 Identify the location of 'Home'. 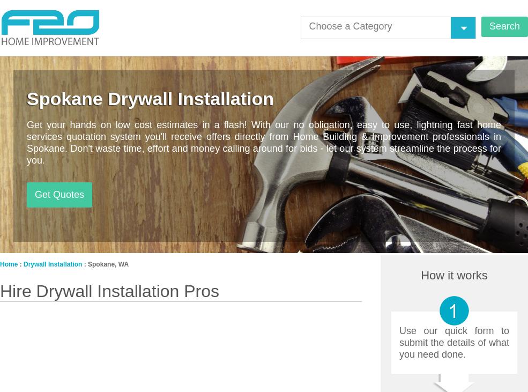
(8, 263).